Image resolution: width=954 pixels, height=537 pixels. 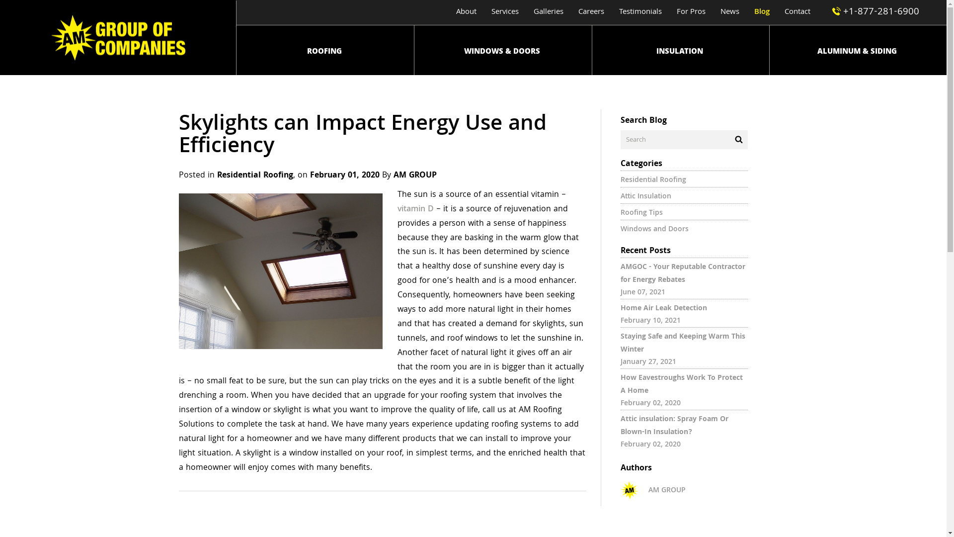 What do you see at coordinates (869, 12) in the screenshot?
I see `'+1-877-281-6900'` at bounding box center [869, 12].